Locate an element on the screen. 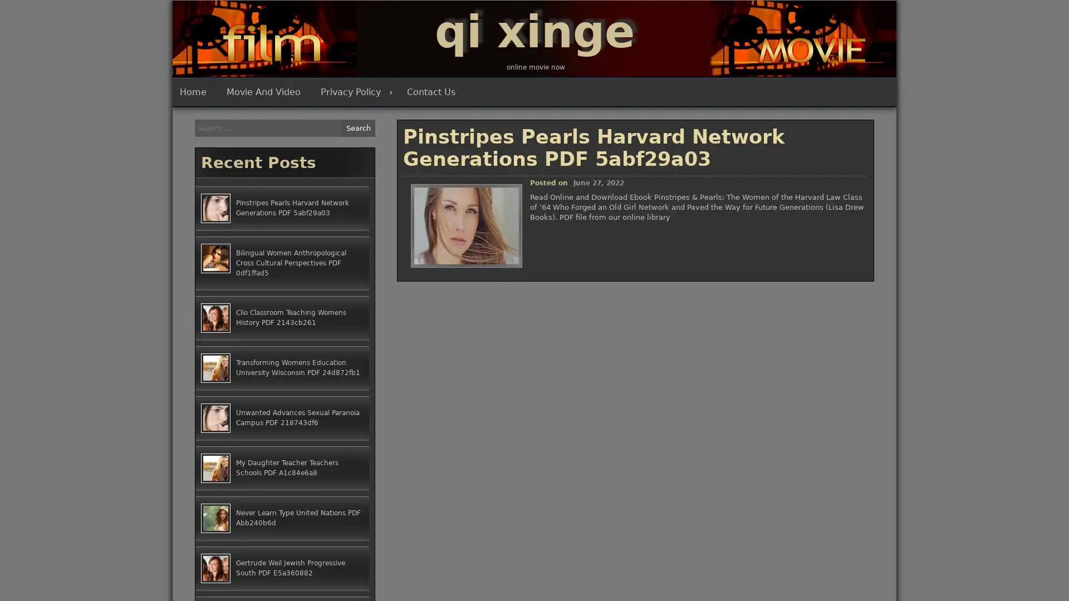  Search is located at coordinates (358, 127).